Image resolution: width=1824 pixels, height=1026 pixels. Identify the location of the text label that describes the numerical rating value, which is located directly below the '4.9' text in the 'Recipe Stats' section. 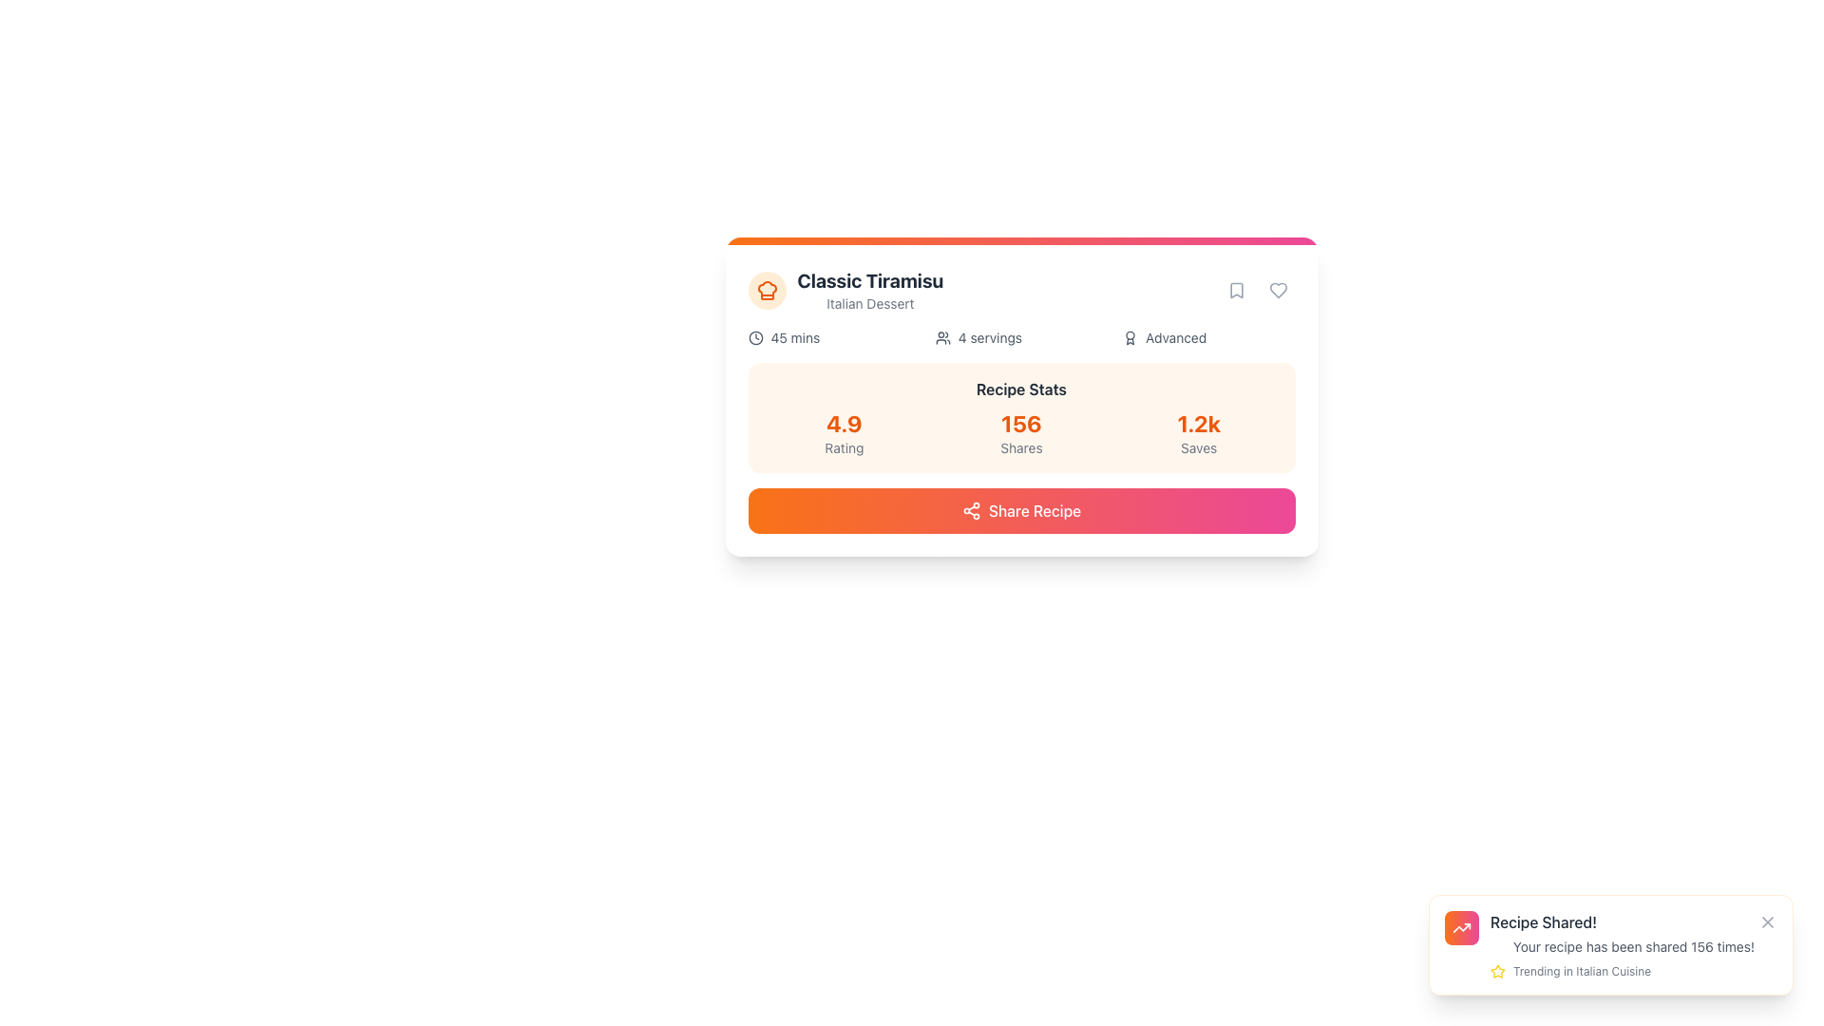
(843, 447).